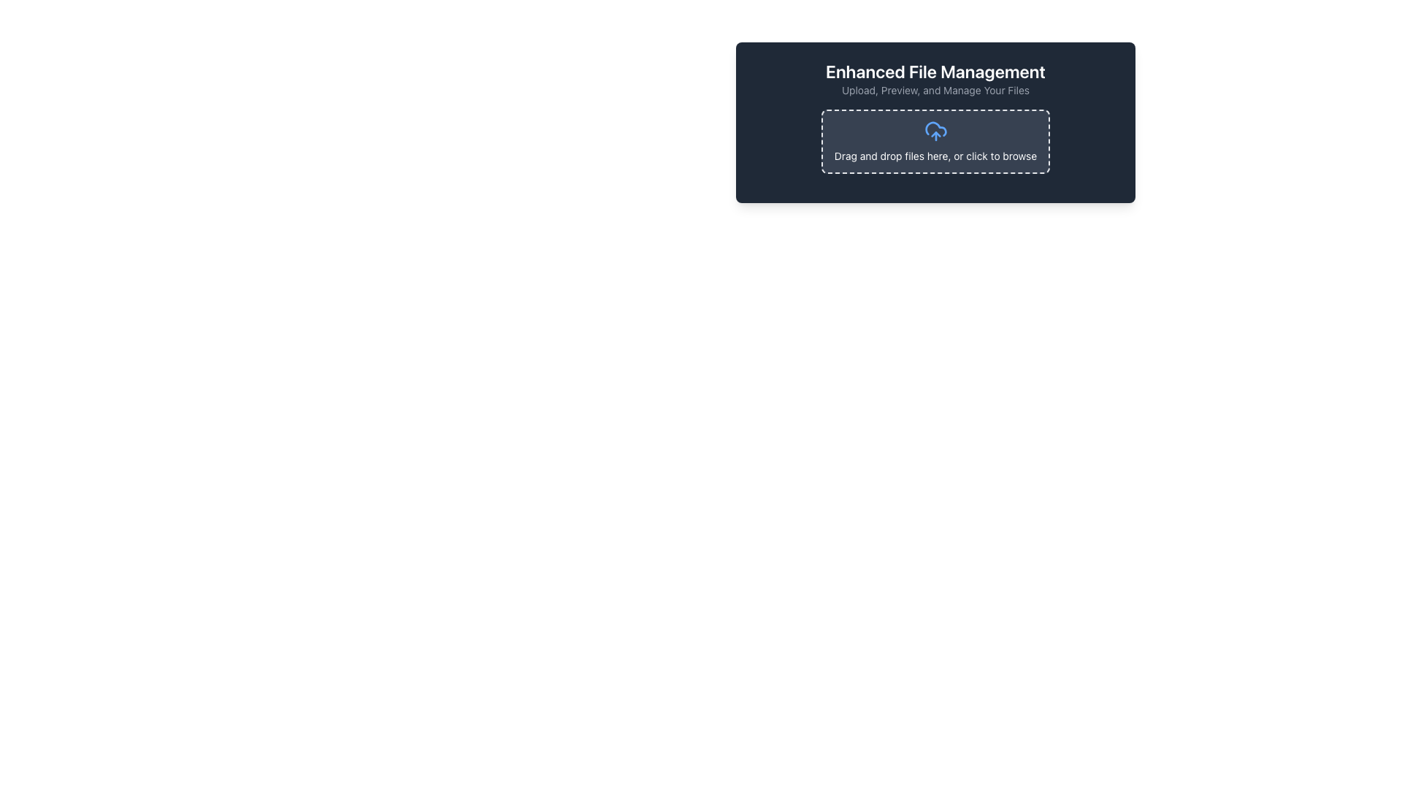  I want to click on the cloud upload icon located within the dashed-border rectangle, which is part of a larger box containing a title and instruction text, so click(935, 131).